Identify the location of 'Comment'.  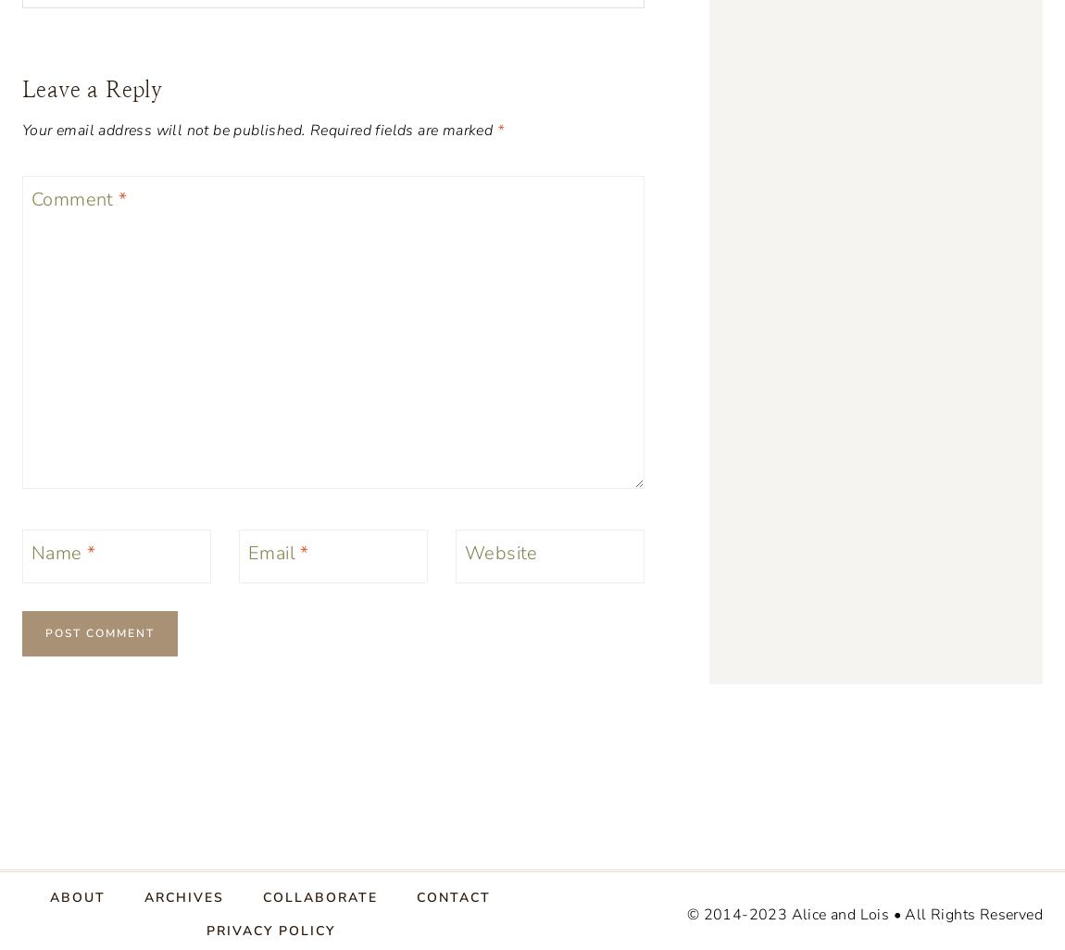
(31, 198).